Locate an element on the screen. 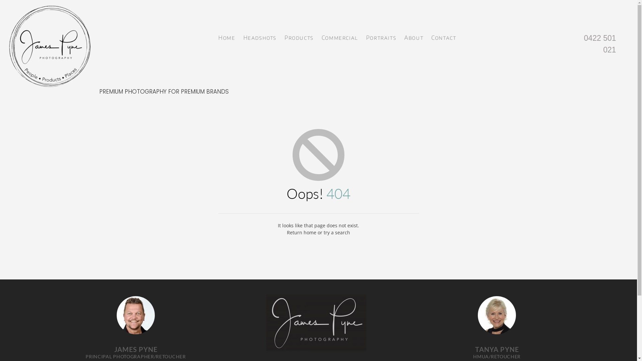 This screenshot has height=361, width=642. 'Products' is located at coordinates (299, 36).